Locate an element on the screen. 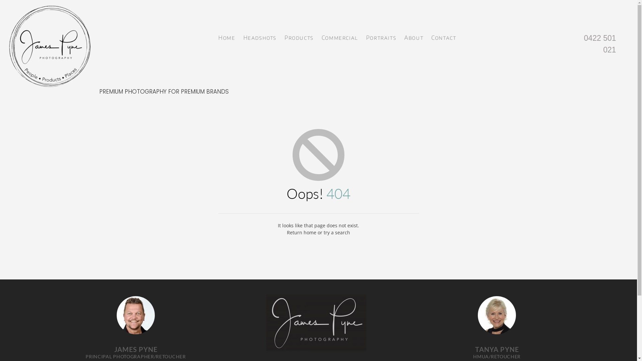 This screenshot has height=361, width=642. 'Products' is located at coordinates (299, 36).